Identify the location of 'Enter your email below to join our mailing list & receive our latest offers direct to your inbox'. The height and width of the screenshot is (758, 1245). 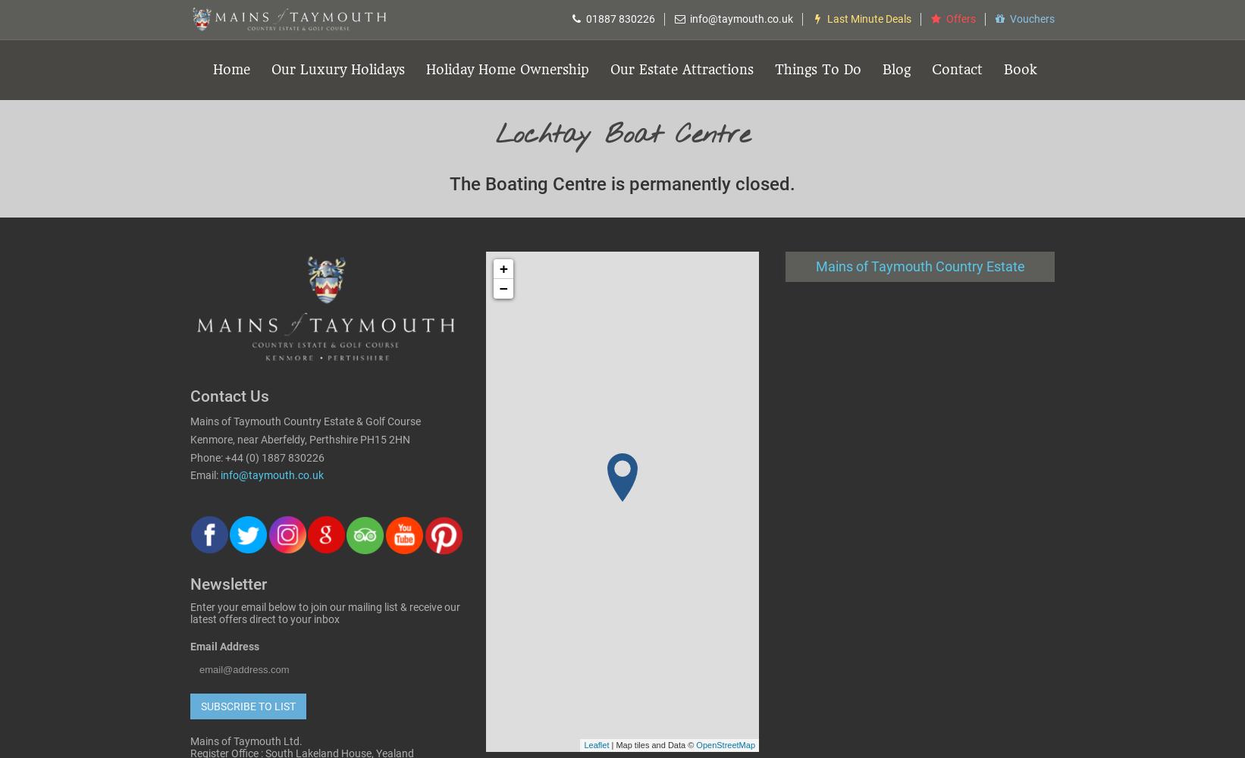
(325, 613).